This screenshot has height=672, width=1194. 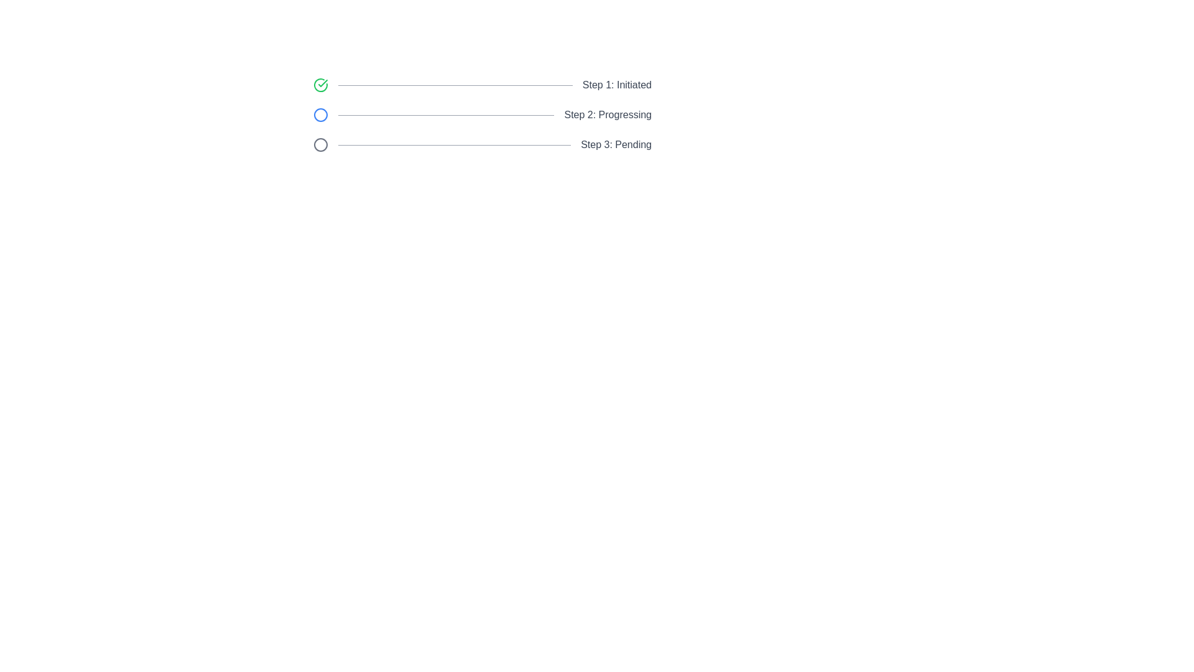 I want to click on the text label indicating the status of the third step in the process, which is currently labeled as 'Pending', so click(x=616, y=144).